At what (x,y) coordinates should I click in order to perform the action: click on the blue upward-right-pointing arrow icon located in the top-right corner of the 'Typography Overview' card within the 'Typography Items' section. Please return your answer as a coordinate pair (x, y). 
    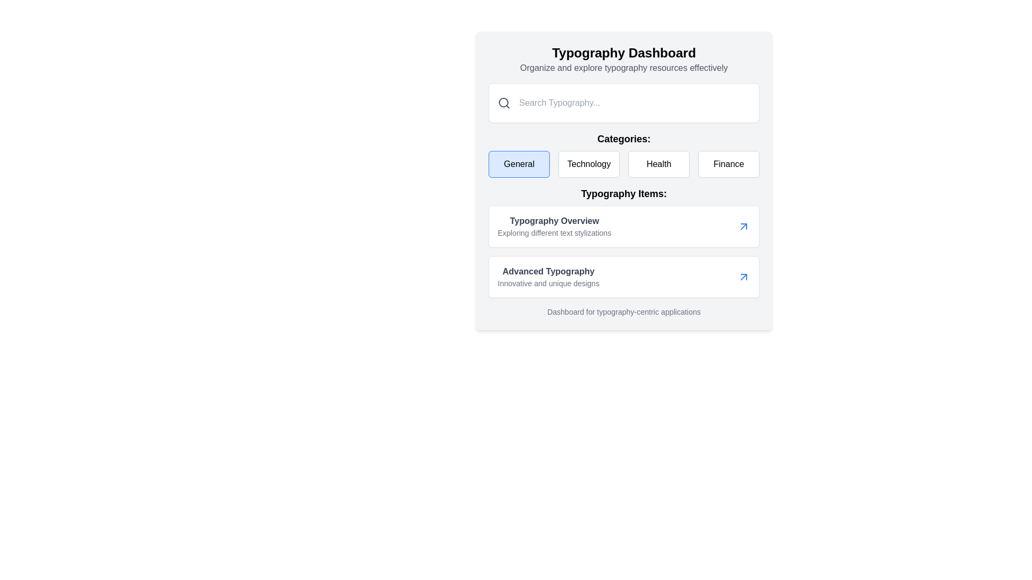
    Looking at the image, I should click on (743, 226).